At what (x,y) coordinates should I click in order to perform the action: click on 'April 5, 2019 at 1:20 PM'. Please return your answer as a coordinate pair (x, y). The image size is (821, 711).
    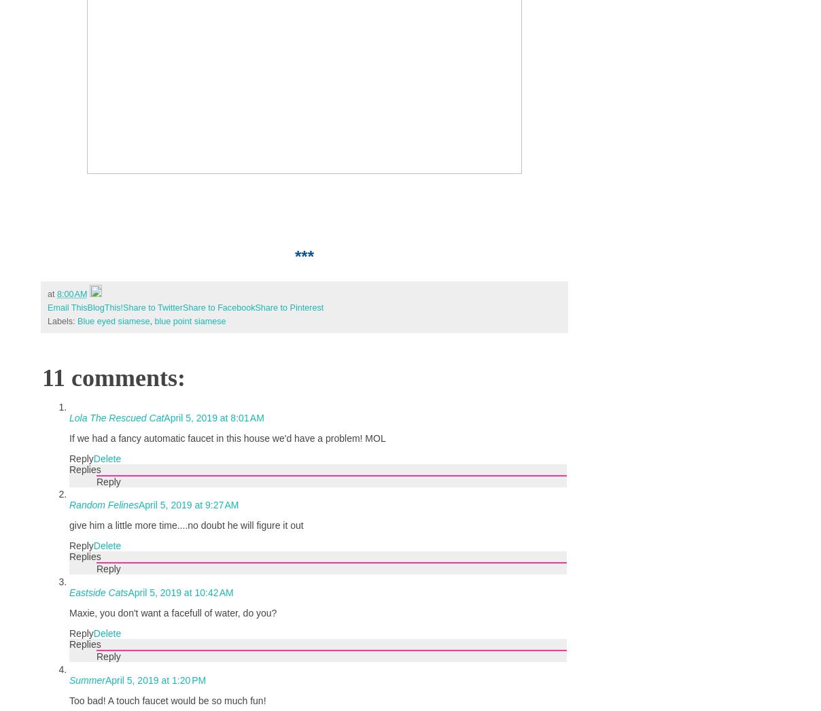
    Looking at the image, I should click on (105, 680).